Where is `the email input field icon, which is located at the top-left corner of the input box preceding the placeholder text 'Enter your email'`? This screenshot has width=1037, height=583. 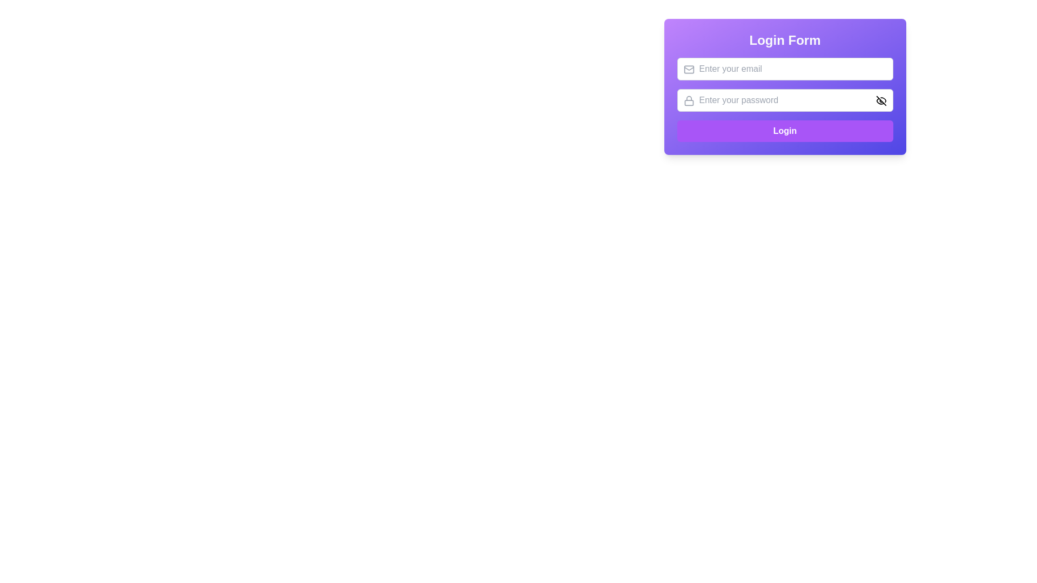
the email input field icon, which is located at the top-left corner of the input box preceding the placeholder text 'Enter your email' is located at coordinates (688, 69).